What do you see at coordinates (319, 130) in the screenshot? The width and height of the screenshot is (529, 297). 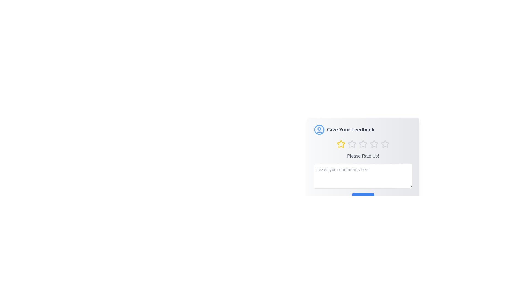 I see `the graphical element (circle) that is part of the avatar icon representation located to the left of the 'Give Your Feedback' text in the feedback interface` at bounding box center [319, 130].